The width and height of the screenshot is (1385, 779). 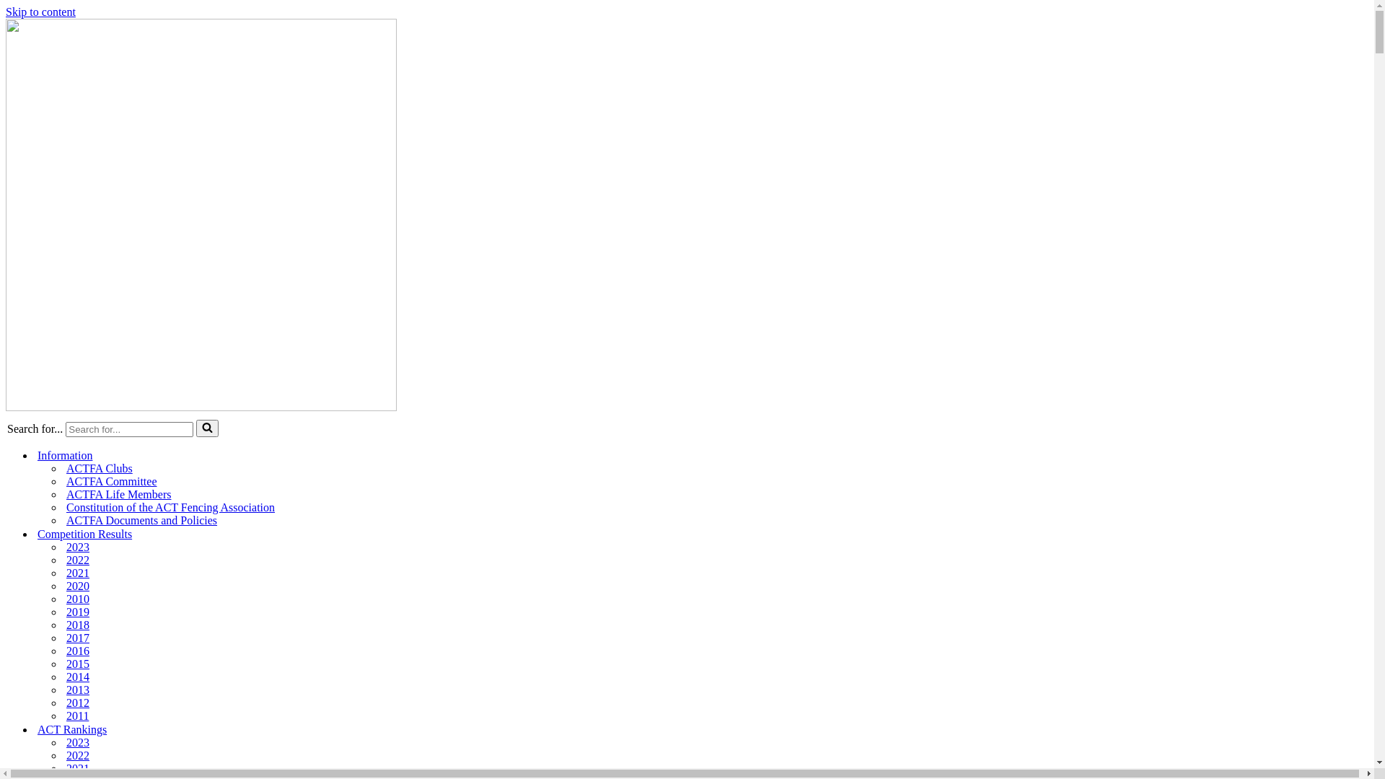 I want to click on '2015', so click(x=77, y=664).